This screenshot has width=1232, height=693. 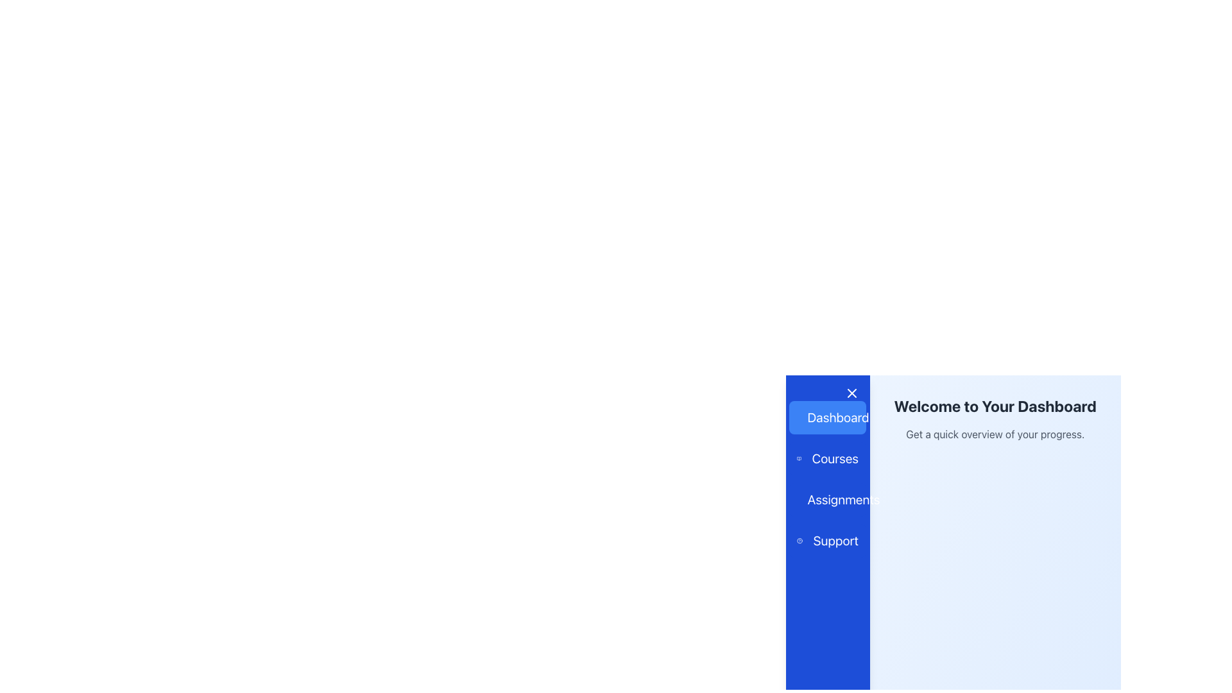 What do you see at coordinates (828, 499) in the screenshot?
I see `the navigation button located in the vertical menu, which is the third entry below 'Dashboard' and 'Courses'` at bounding box center [828, 499].